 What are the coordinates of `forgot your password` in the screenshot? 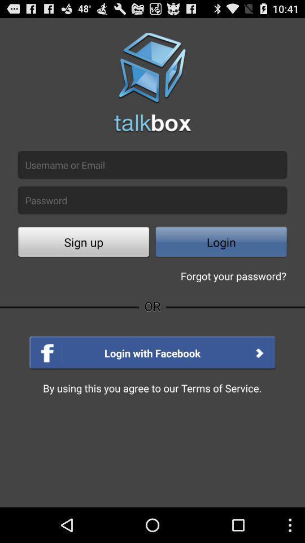 It's located at (233, 275).